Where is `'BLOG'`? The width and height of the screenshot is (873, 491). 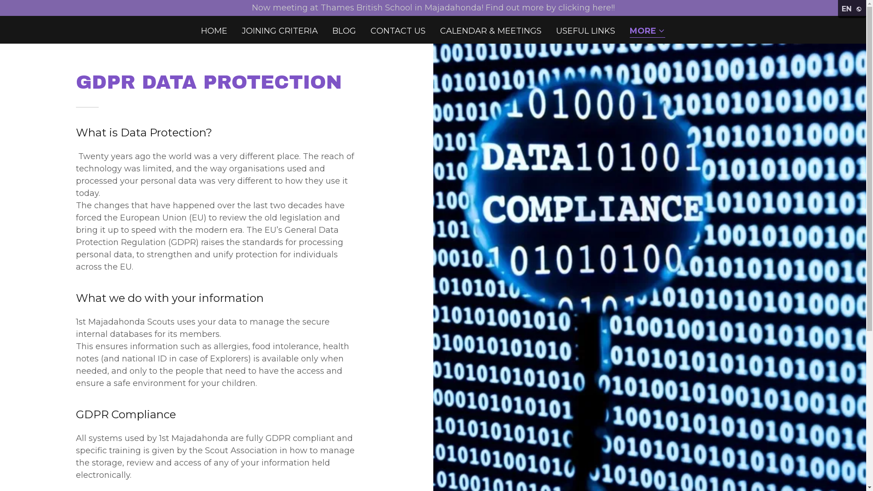 'BLOG' is located at coordinates (344, 30).